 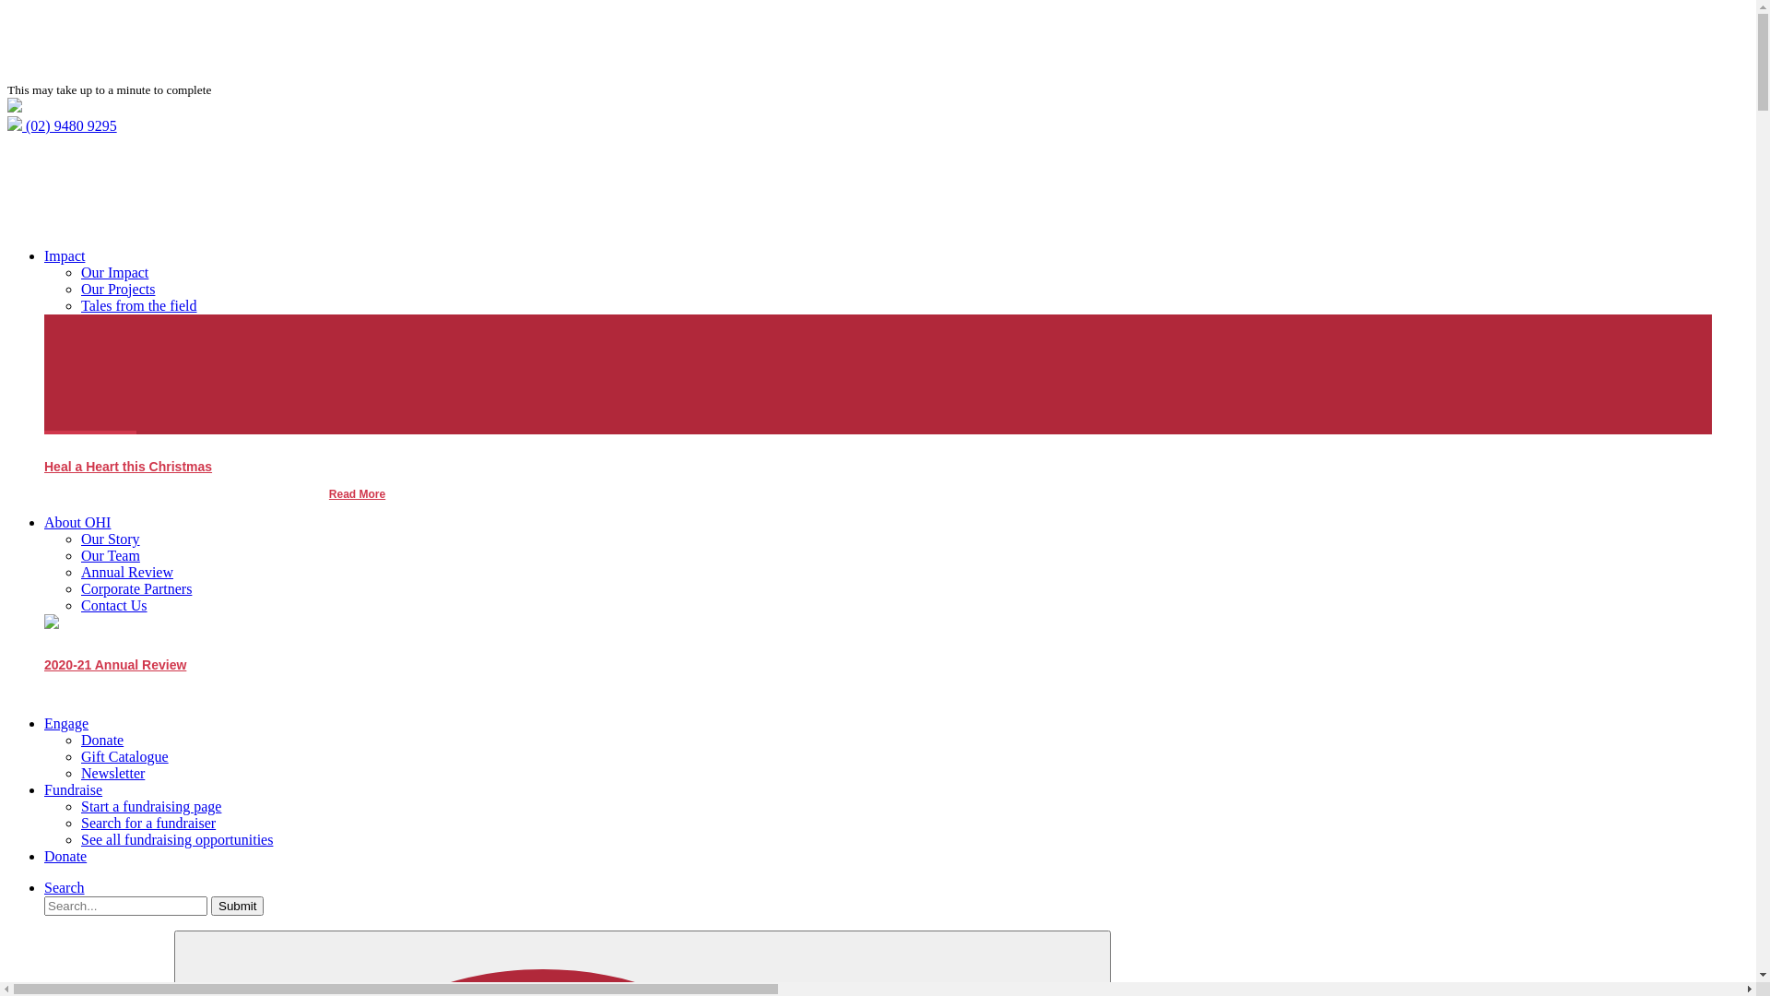 What do you see at coordinates (136, 588) in the screenshot?
I see `'Corporate Partners'` at bounding box center [136, 588].